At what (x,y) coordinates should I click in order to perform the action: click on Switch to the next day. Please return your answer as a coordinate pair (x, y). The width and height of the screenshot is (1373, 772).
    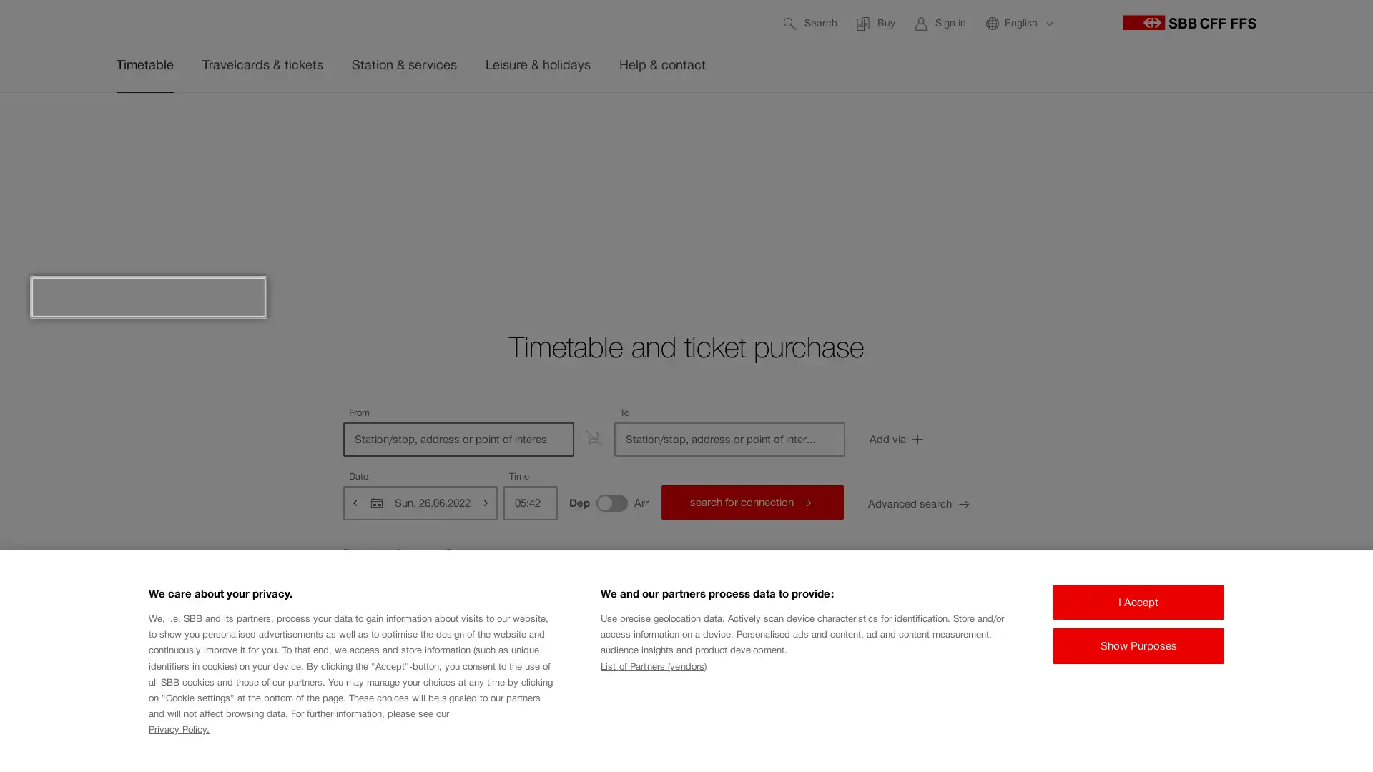
    Looking at the image, I should click on (484, 501).